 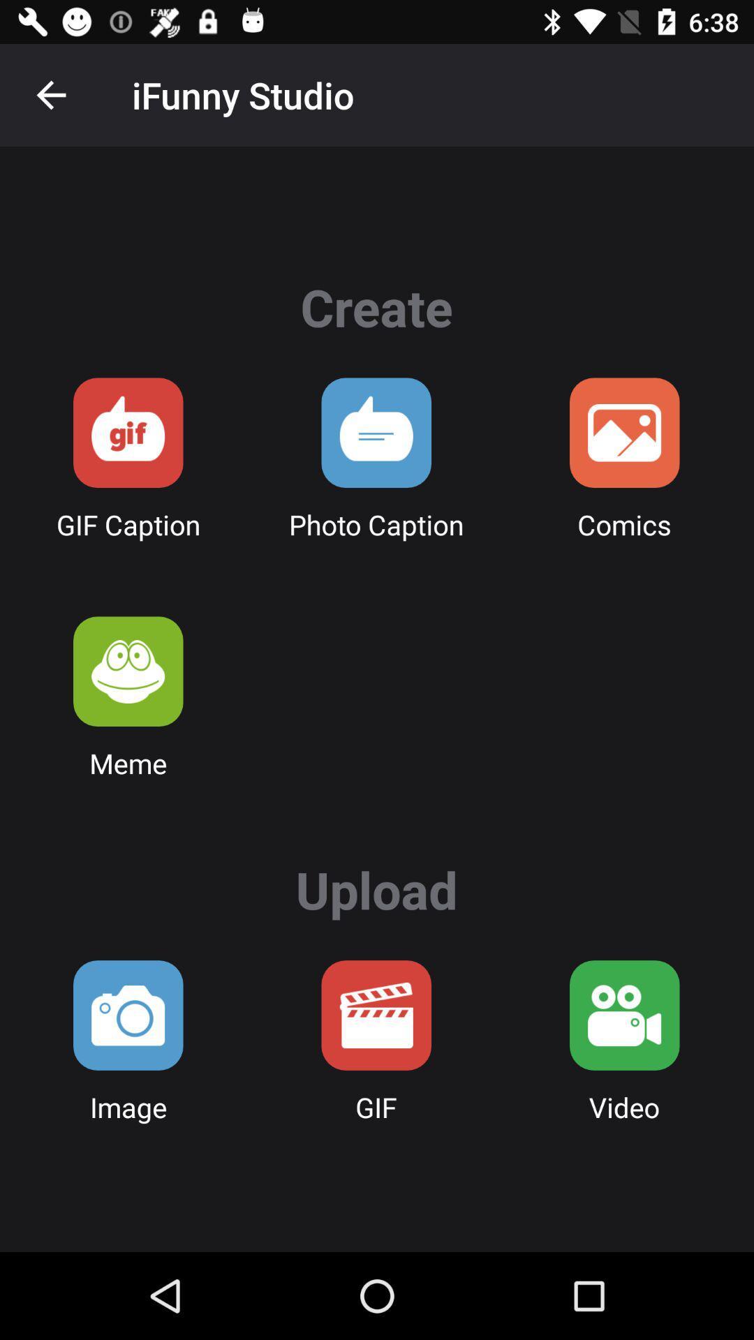 I want to click on the wallpaper icon, so click(x=623, y=432).